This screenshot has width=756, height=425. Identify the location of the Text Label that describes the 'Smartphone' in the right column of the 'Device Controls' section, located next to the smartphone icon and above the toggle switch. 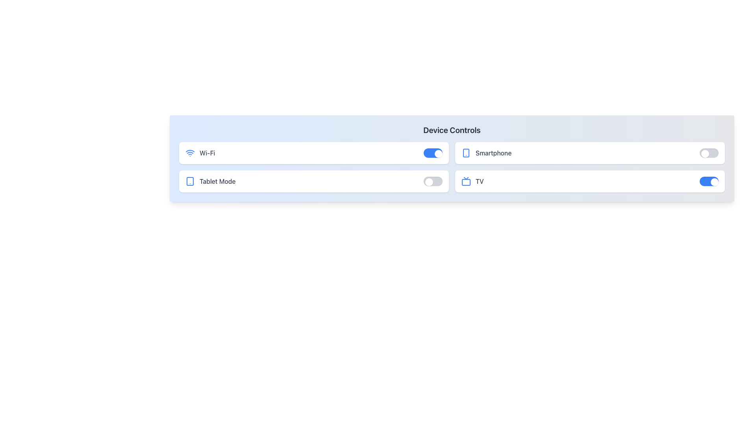
(493, 153).